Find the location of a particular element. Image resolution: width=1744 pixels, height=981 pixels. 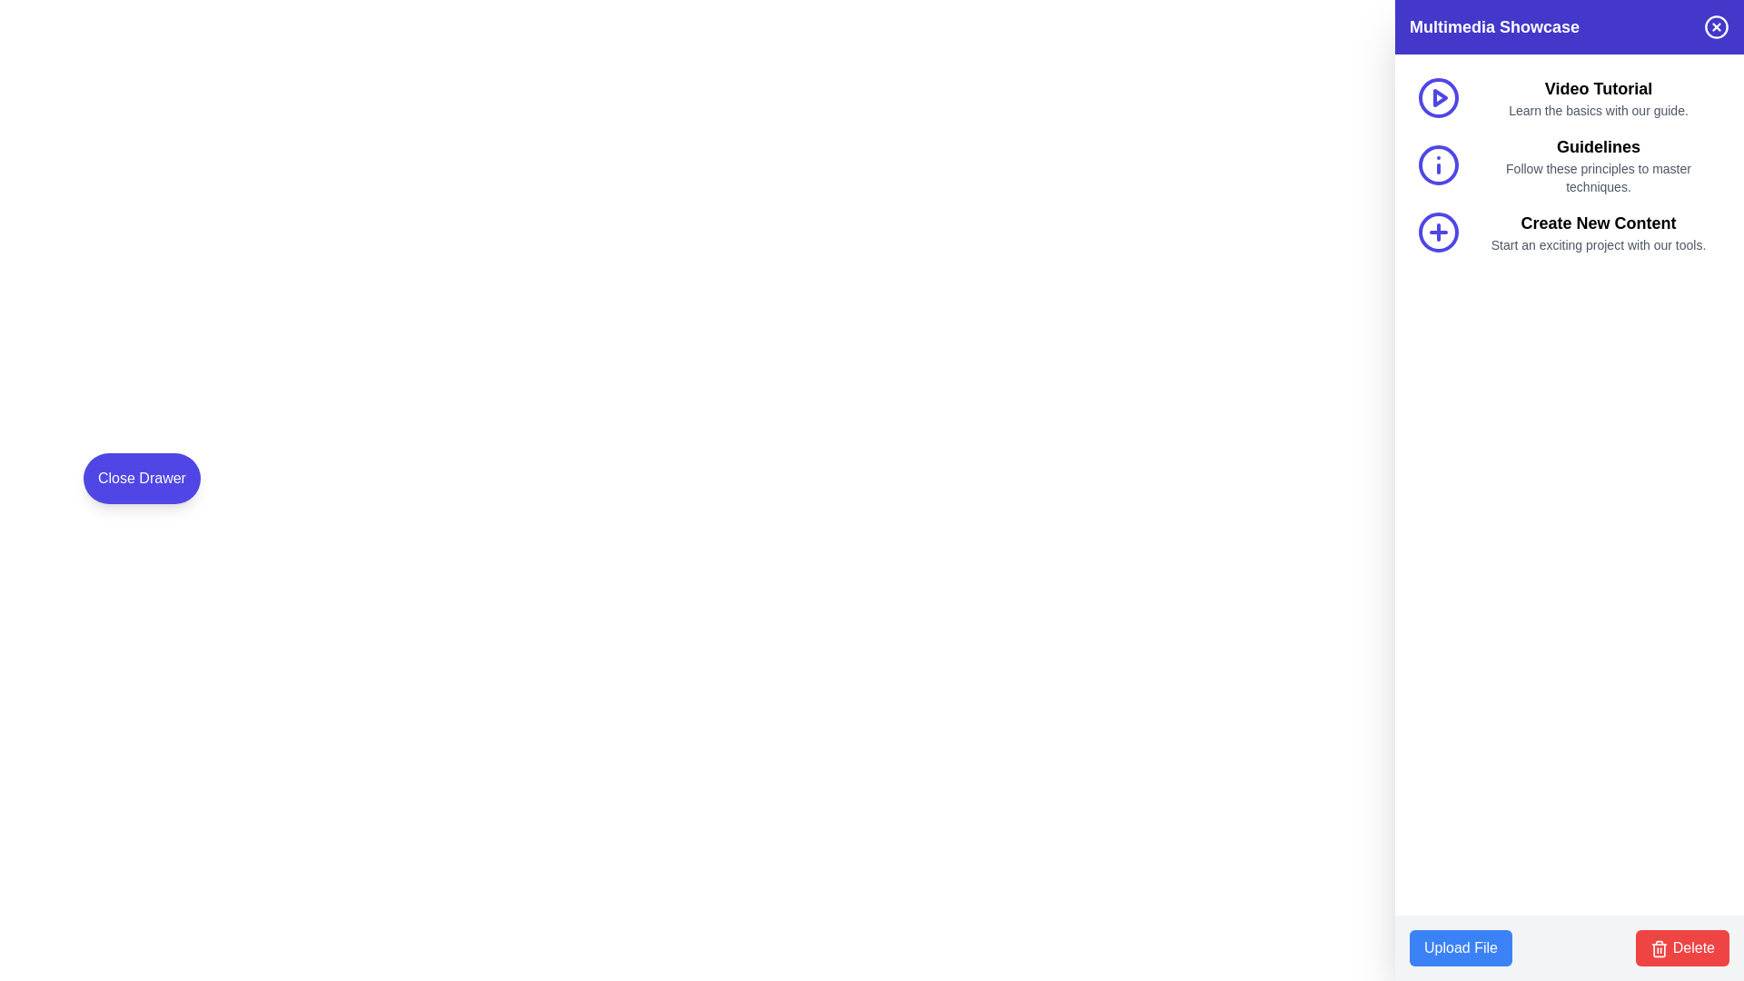

the appearance of the circular part of the close icon located at the top-right corner of the sidebar labeled 'Multimedia Showcase' is located at coordinates (1716, 26).